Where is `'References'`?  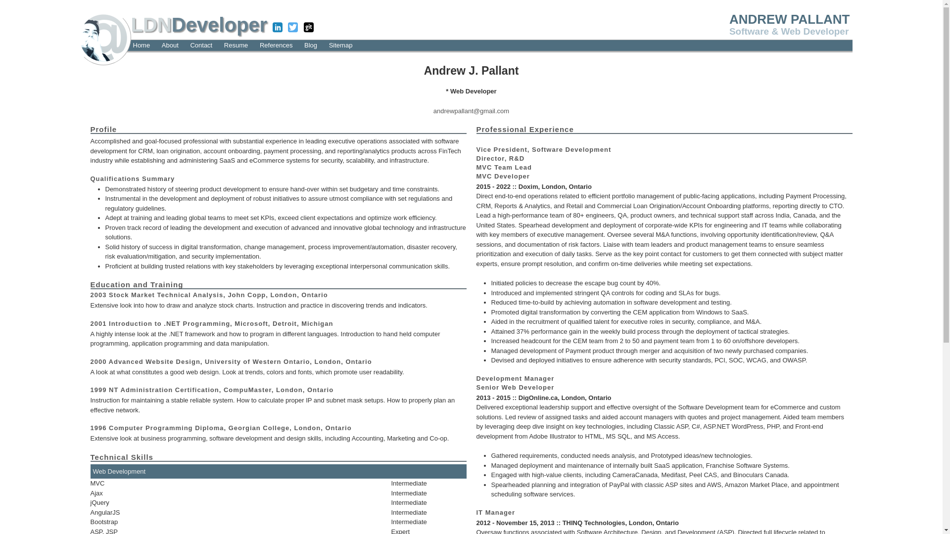 'References' is located at coordinates (276, 45).